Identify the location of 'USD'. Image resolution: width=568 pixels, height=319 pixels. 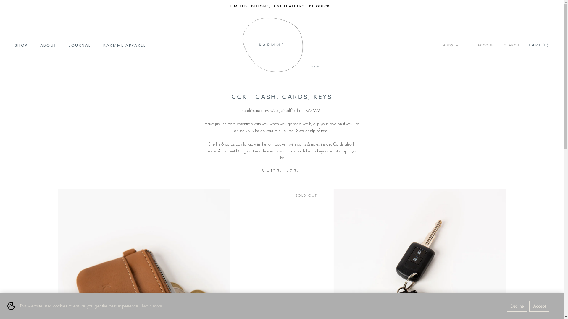
(458, 97).